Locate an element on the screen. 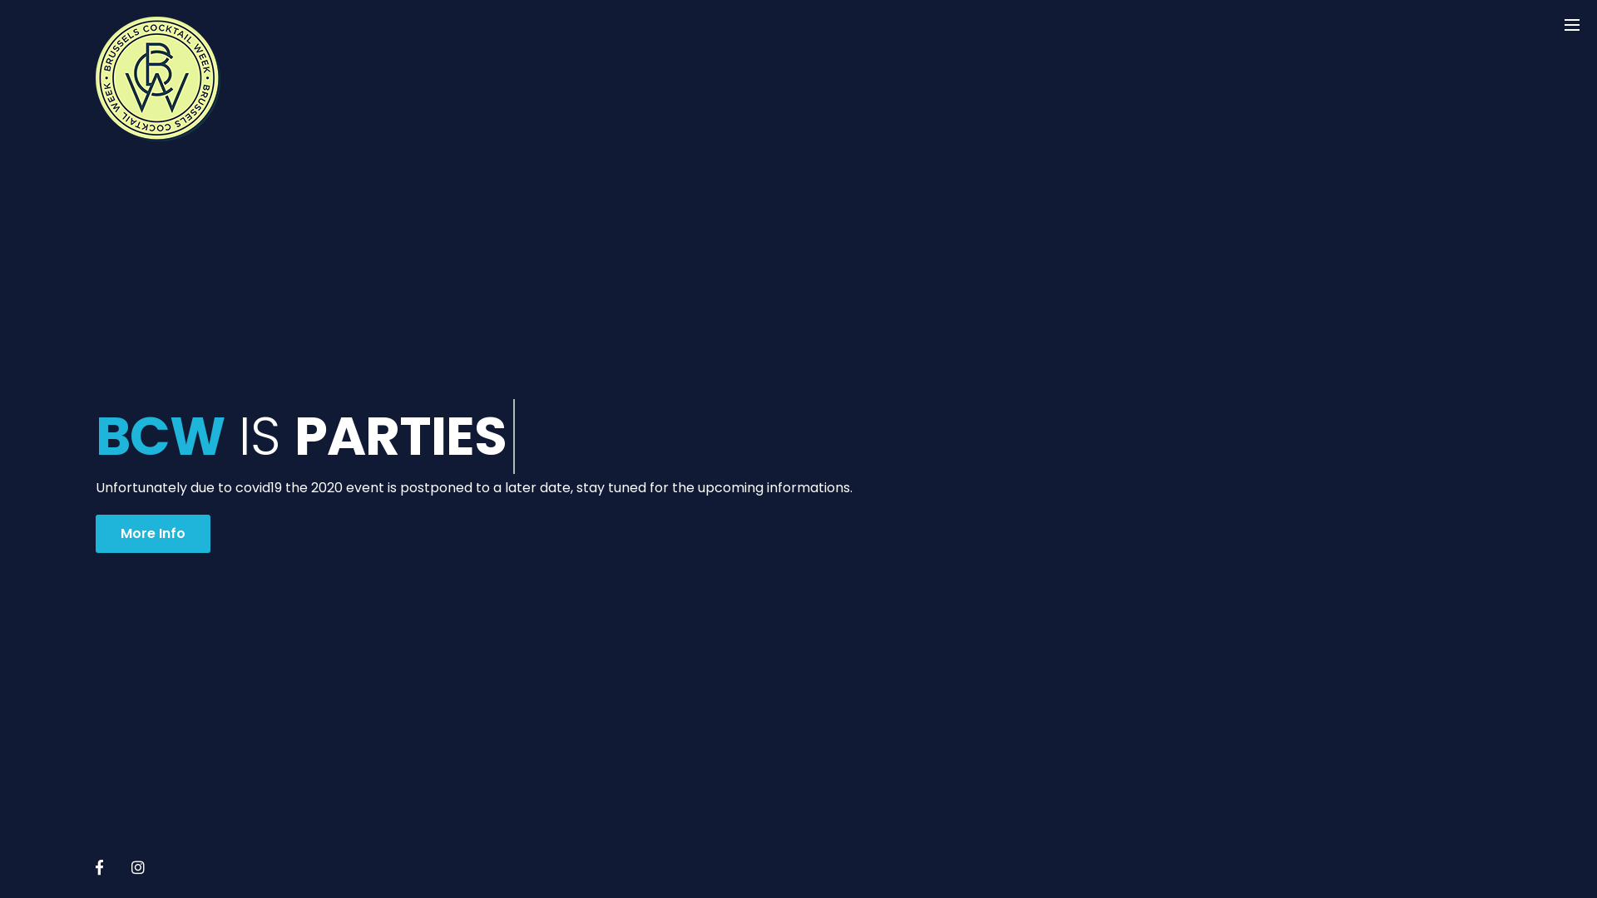 Image resolution: width=1597 pixels, height=898 pixels. 'Facebook' is located at coordinates (98, 866).